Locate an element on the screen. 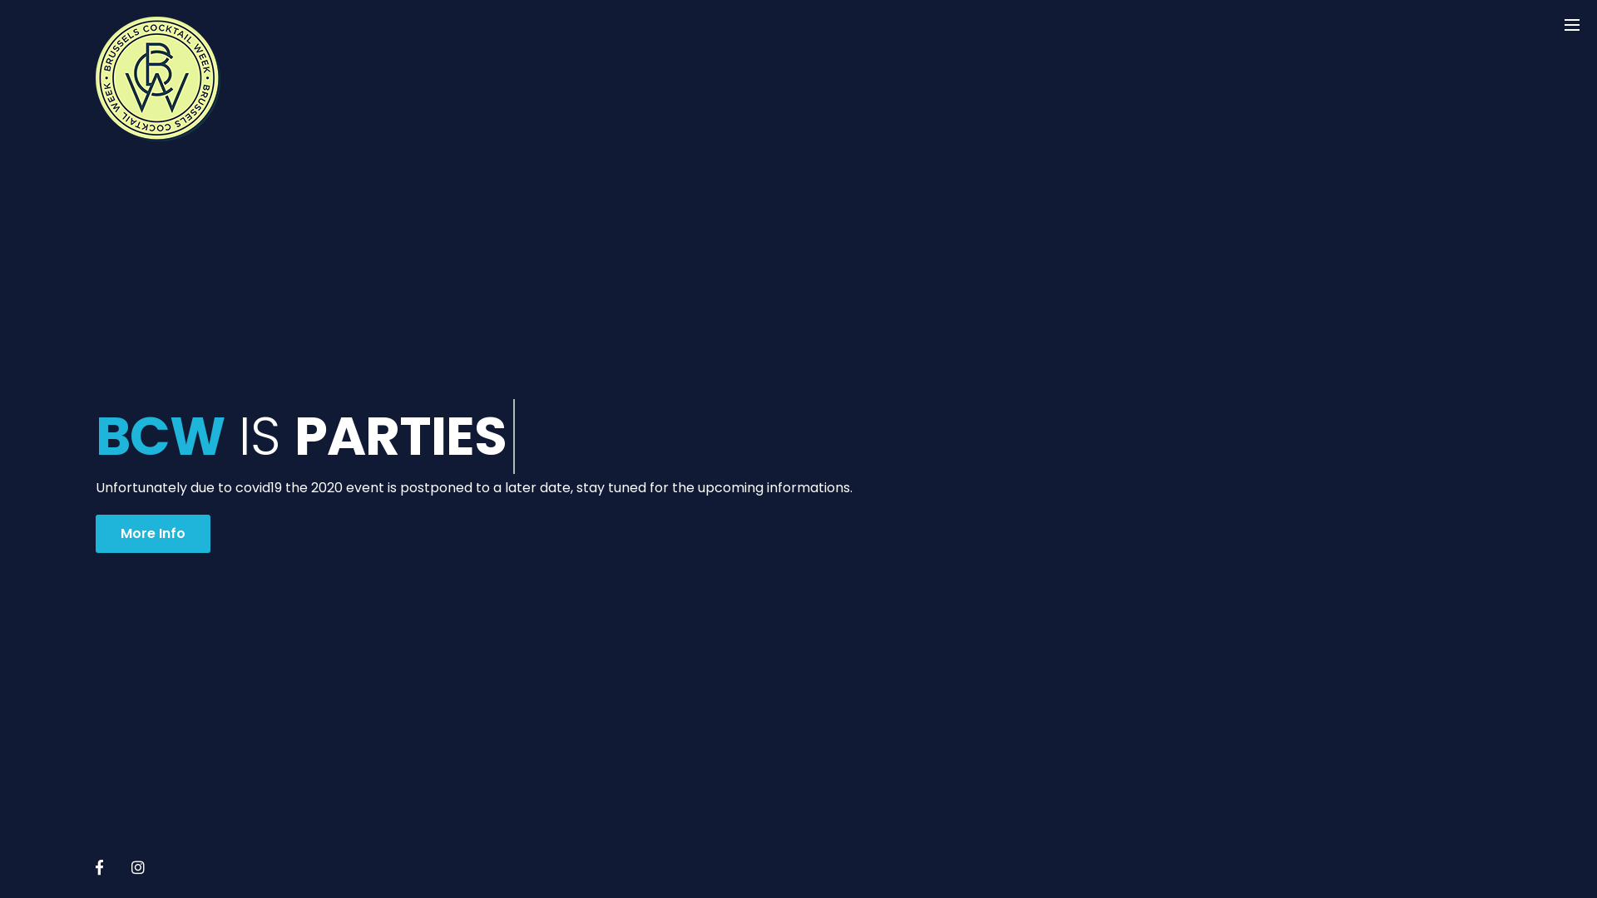 Image resolution: width=1597 pixels, height=898 pixels. 'Facebook' is located at coordinates (98, 866).